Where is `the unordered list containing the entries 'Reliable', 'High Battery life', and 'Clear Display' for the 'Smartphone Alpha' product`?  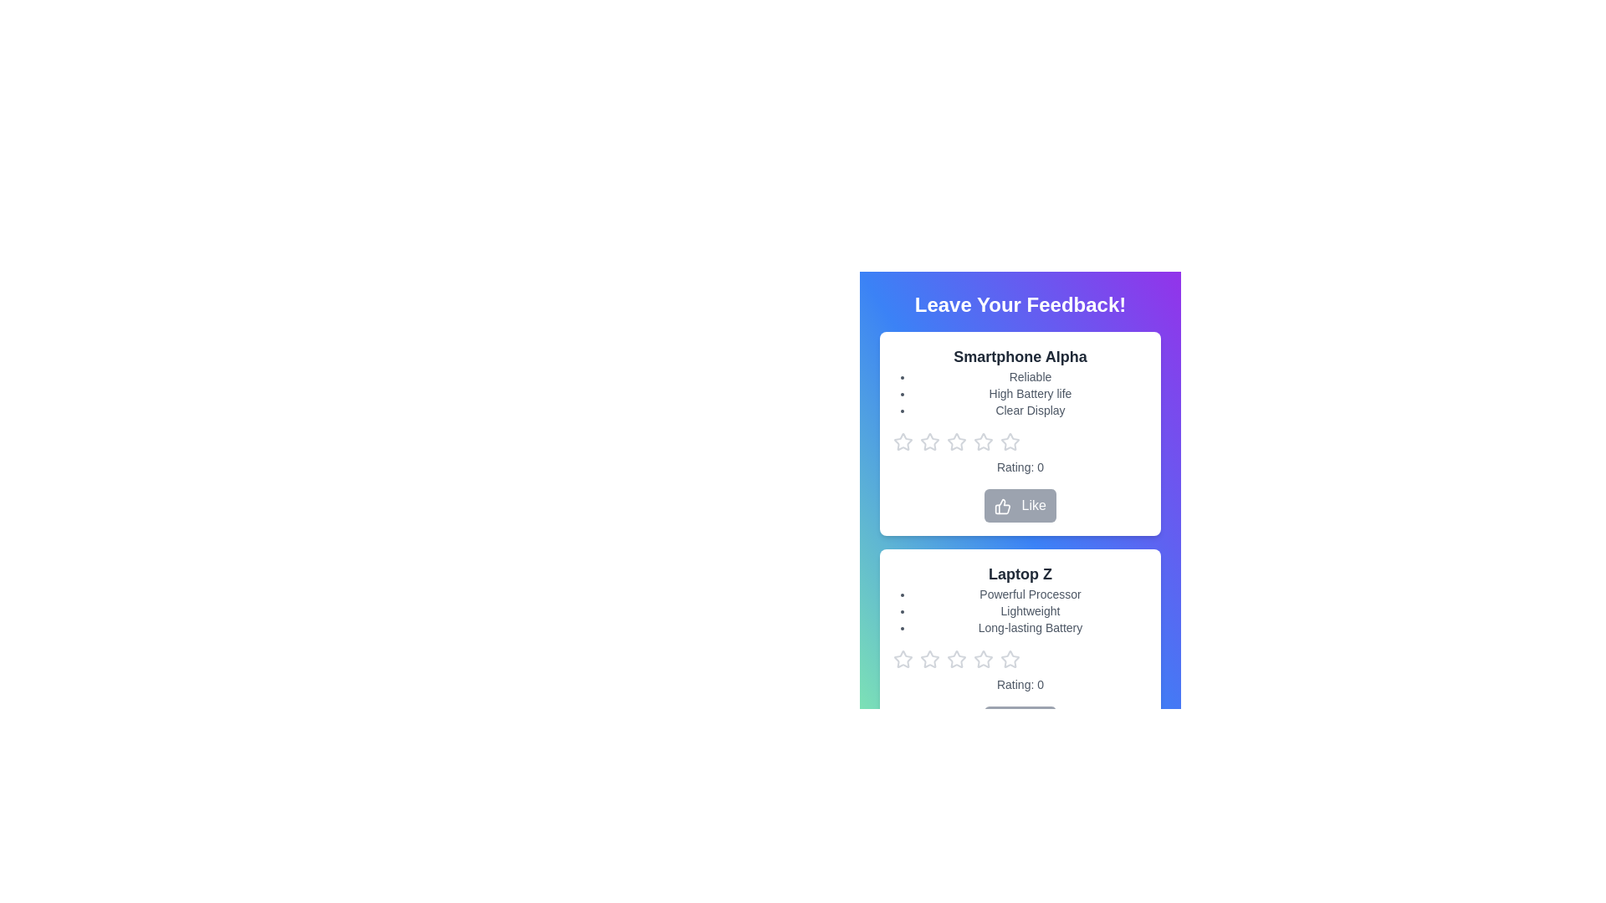
the unordered list containing the entries 'Reliable', 'High Battery life', and 'Clear Display' for the 'Smartphone Alpha' product is located at coordinates (1030, 393).